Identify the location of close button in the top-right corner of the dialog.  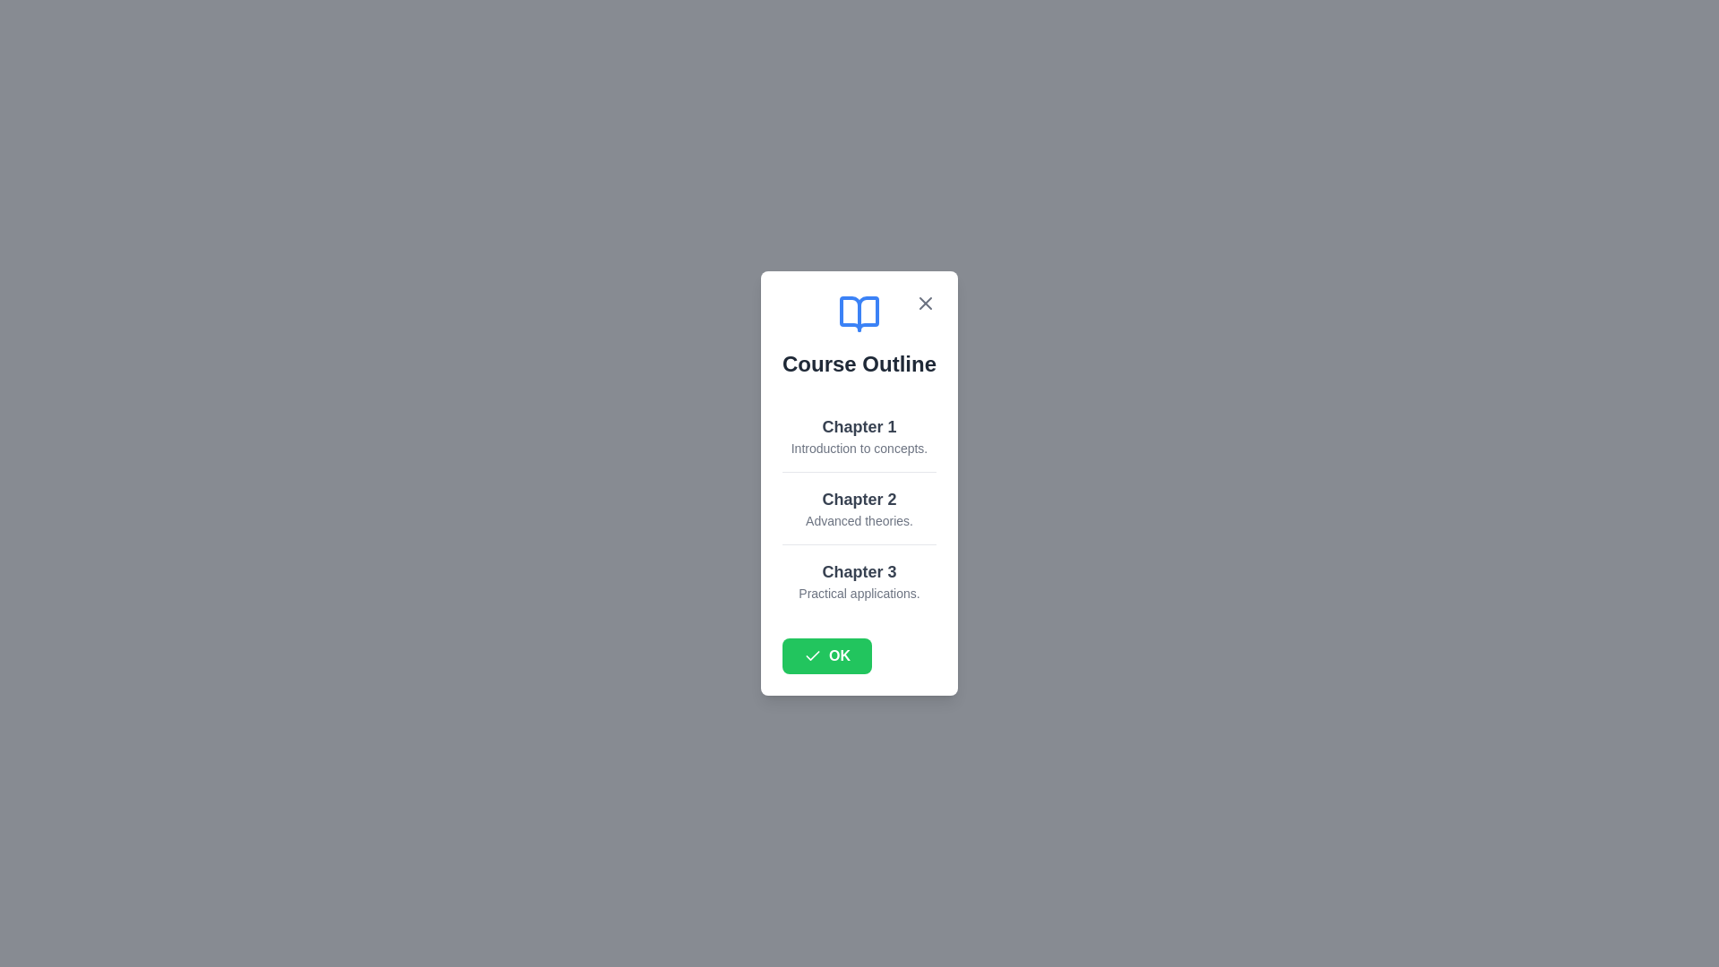
(926, 303).